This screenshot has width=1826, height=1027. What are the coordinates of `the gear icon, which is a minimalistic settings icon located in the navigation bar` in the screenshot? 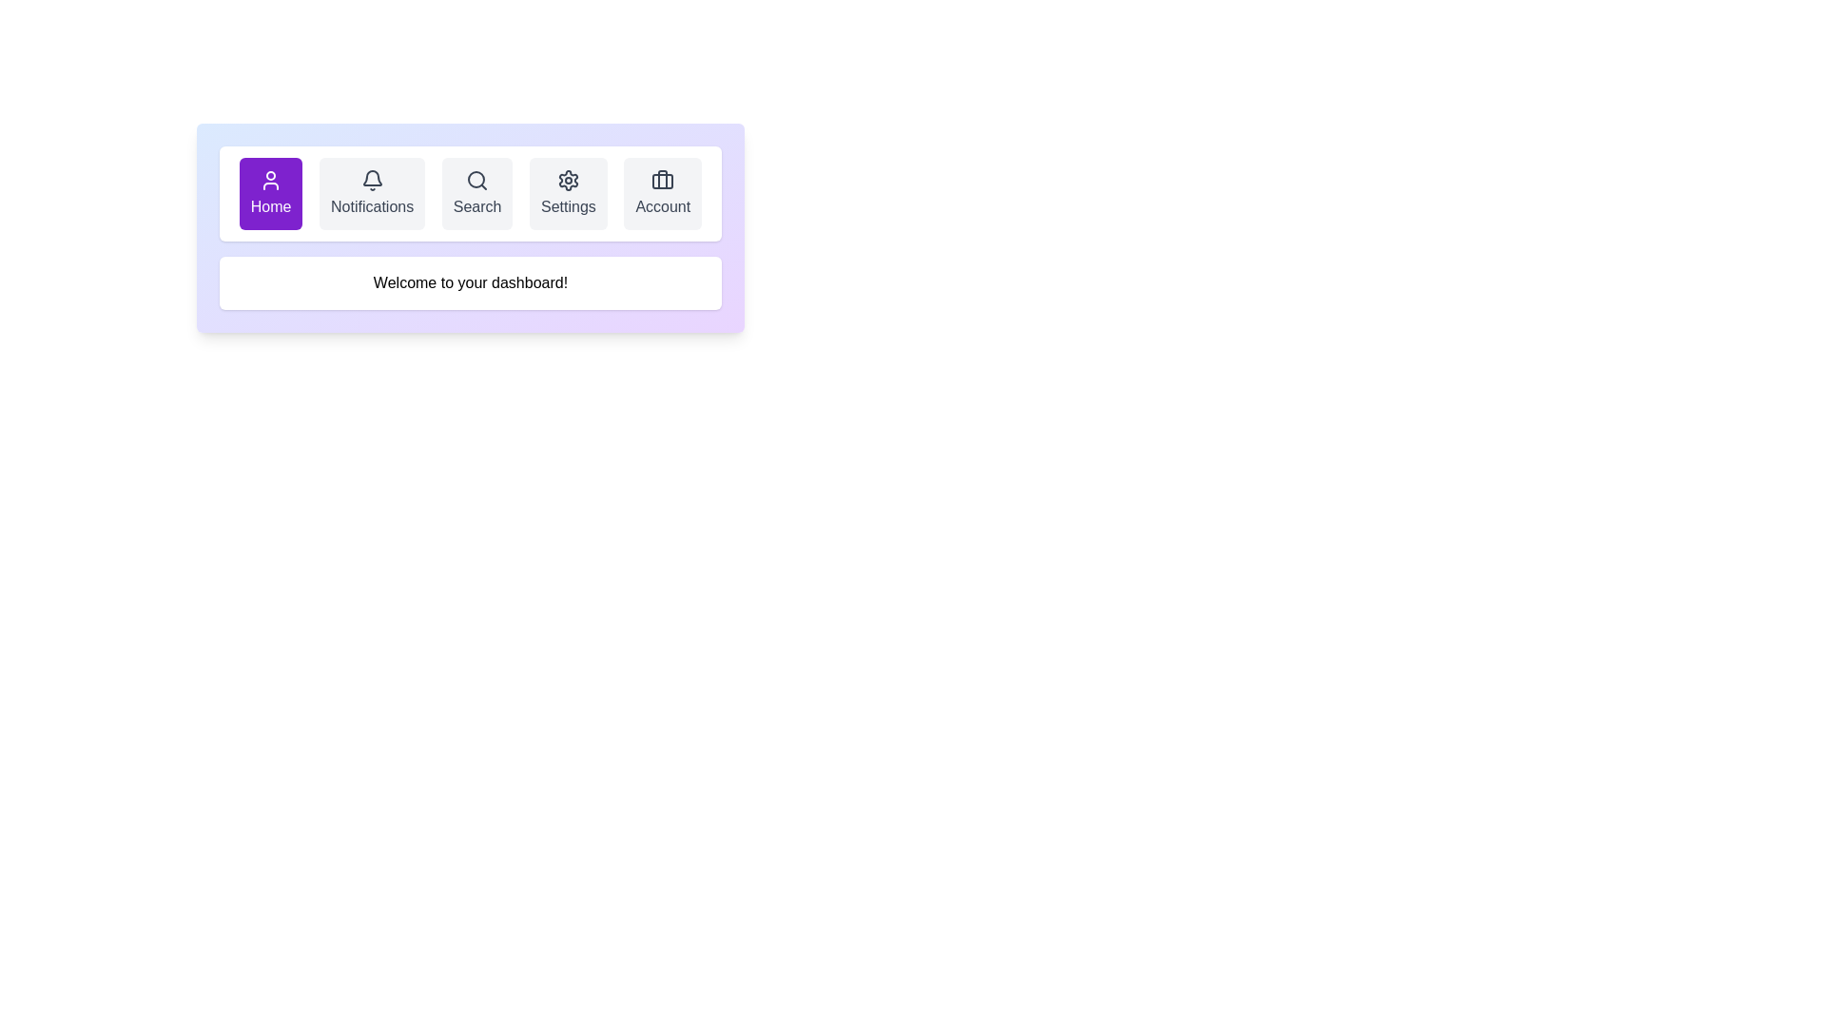 It's located at (567, 180).